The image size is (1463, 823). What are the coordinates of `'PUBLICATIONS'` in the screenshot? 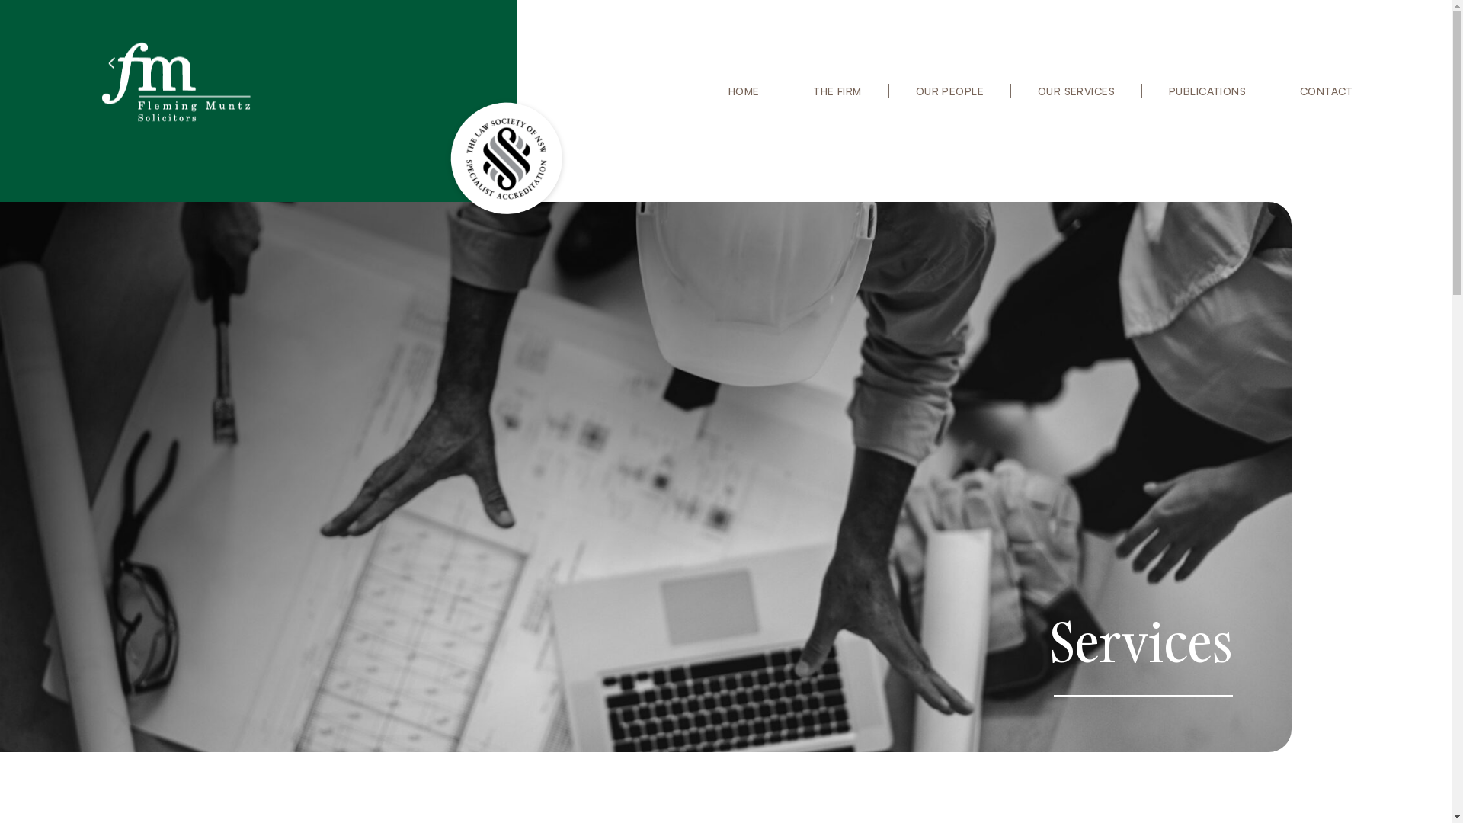 It's located at (1153, 91).